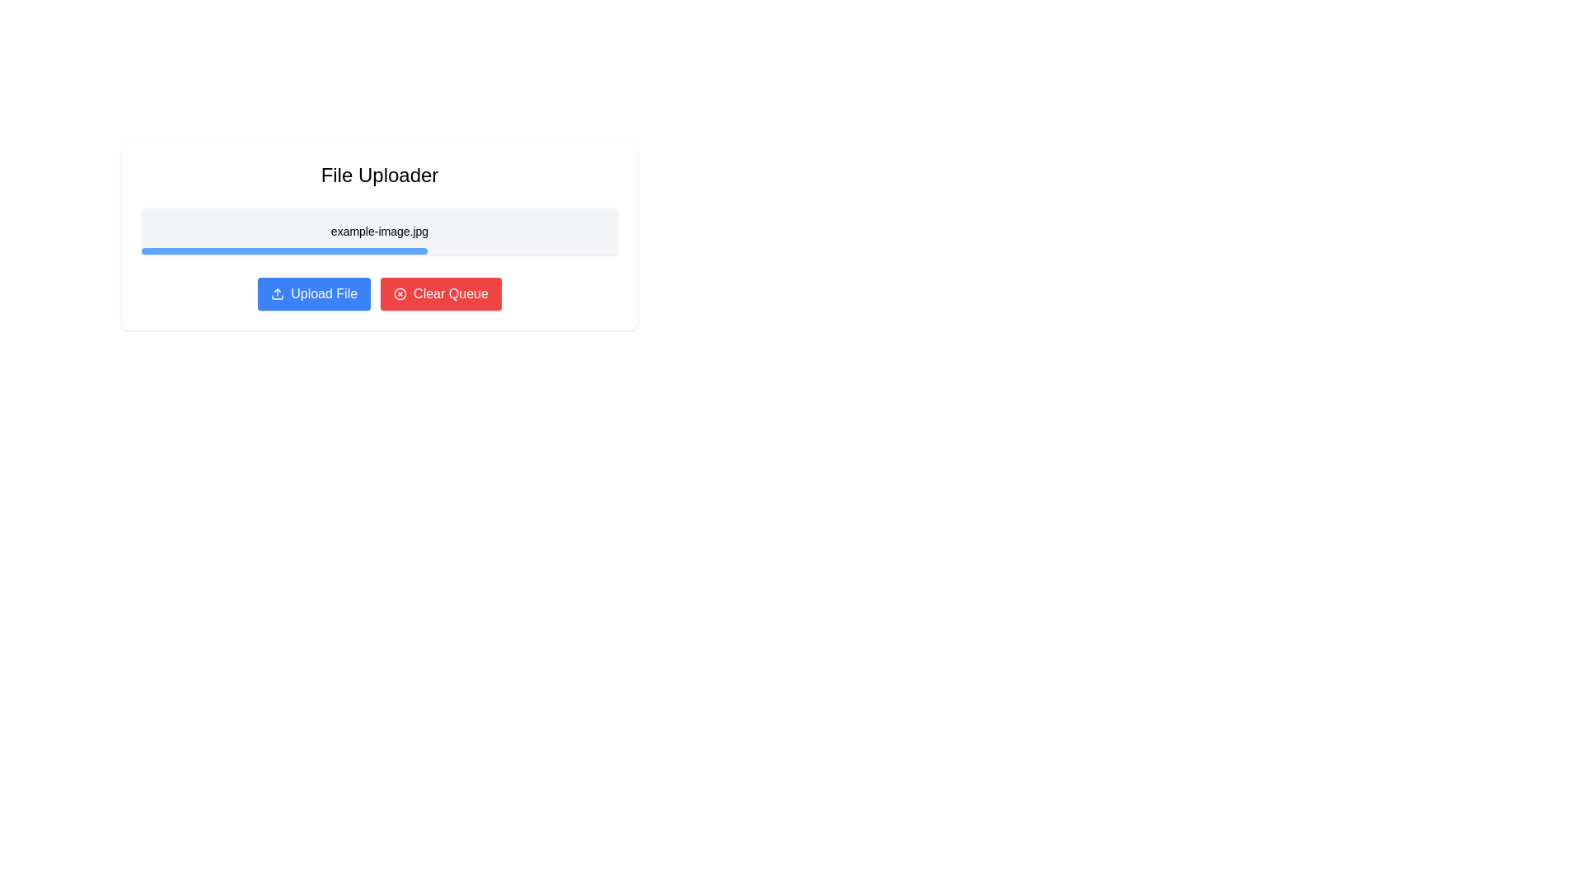 The height and width of the screenshot is (890, 1582). I want to click on the file upload button located at the bottom of the interface, adjacent to the red 'Clear Queue' button, to receive potential interaction feedback, so click(324, 293).